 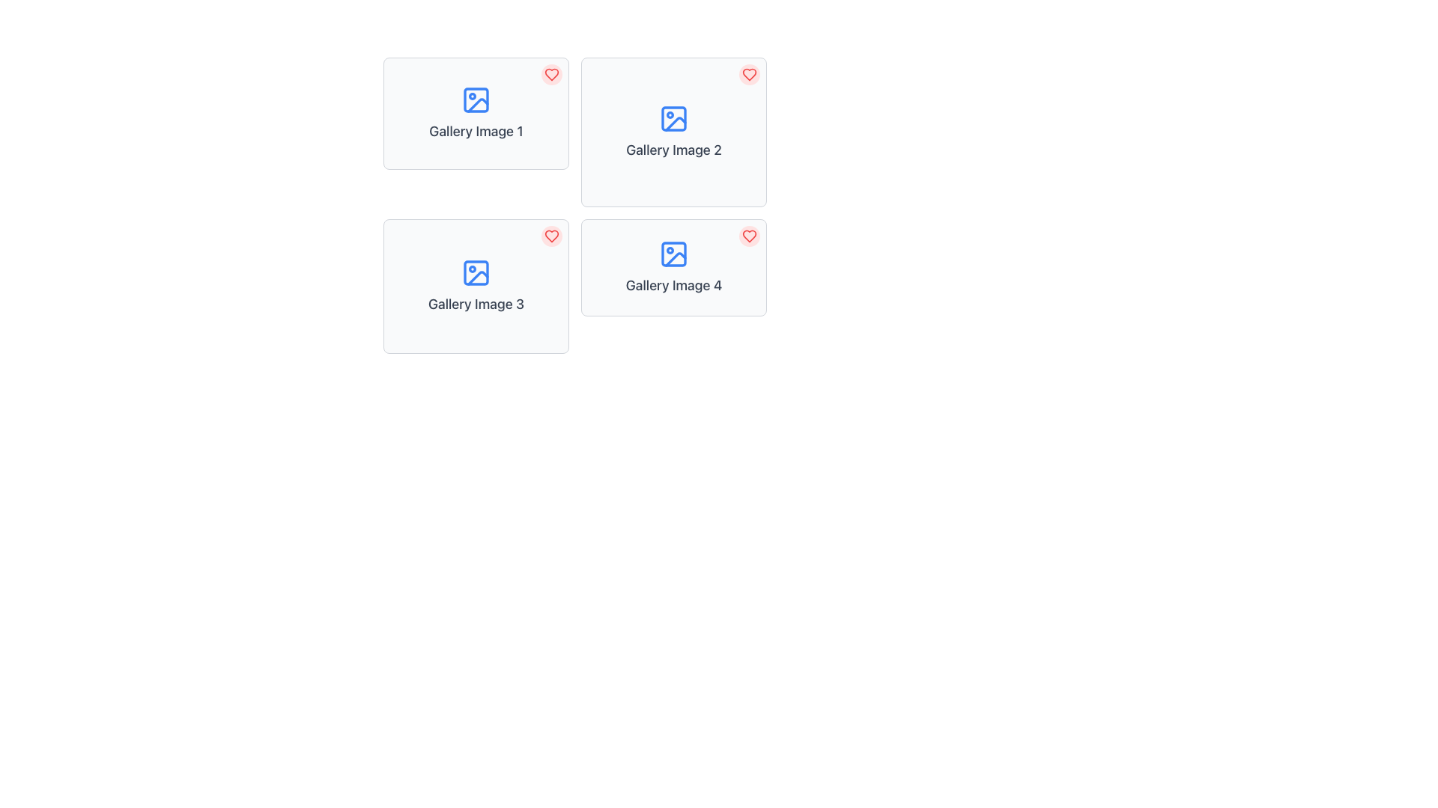 What do you see at coordinates (750, 236) in the screenshot?
I see `the heart icon located at the top-right corner of the 'Gallery Image 4' card, which serves as a favorite or like button` at bounding box center [750, 236].